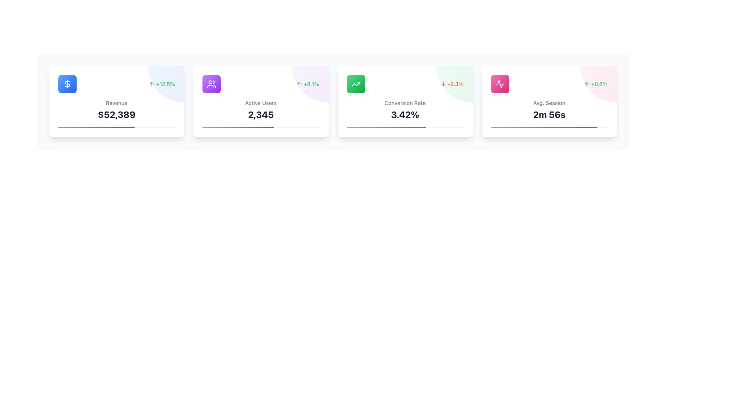 The height and width of the screenshot is (411, 732). What do you see at coordinates (116, 127) in the screenshot?
I see `the progress bar located at the bottom of the revenue information card, which visually represents a percentage-based metric` at bounding box center [116, 127].